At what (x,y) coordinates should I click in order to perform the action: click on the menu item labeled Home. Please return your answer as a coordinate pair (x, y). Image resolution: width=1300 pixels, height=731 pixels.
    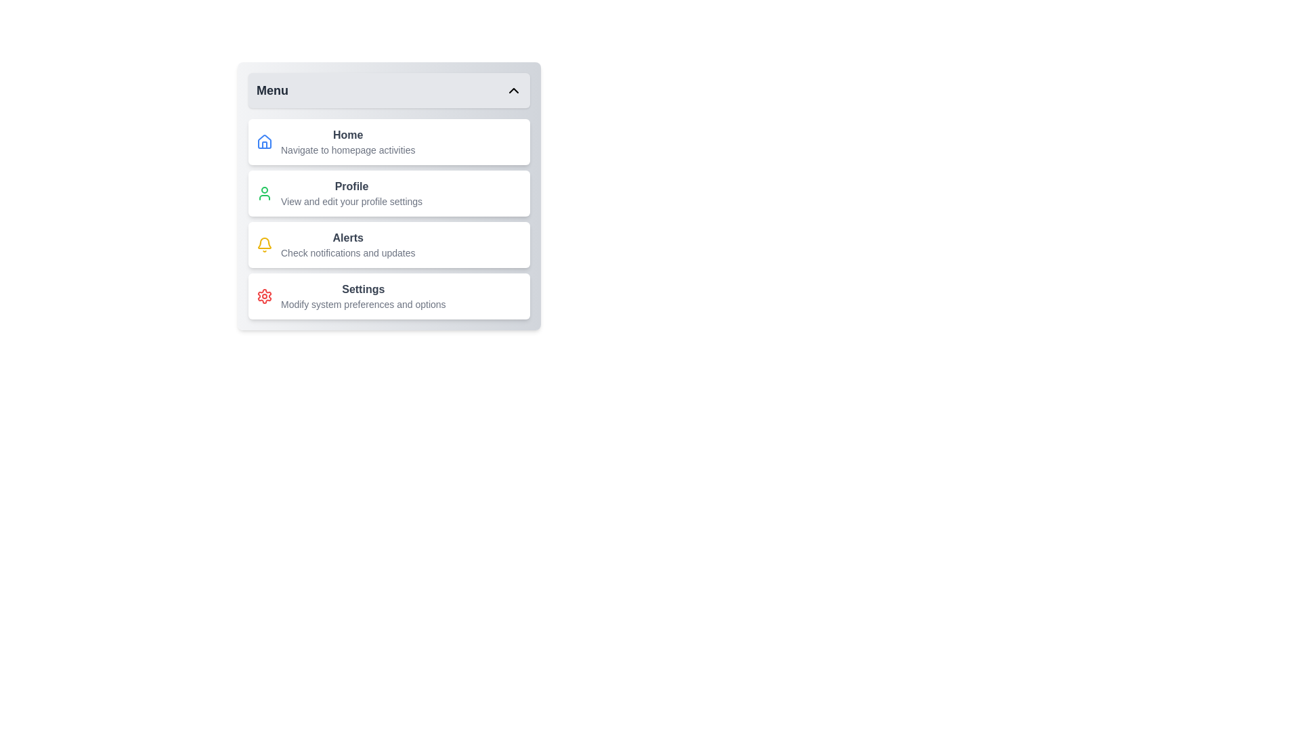
    Looking at the image, I should click on (389, 141).